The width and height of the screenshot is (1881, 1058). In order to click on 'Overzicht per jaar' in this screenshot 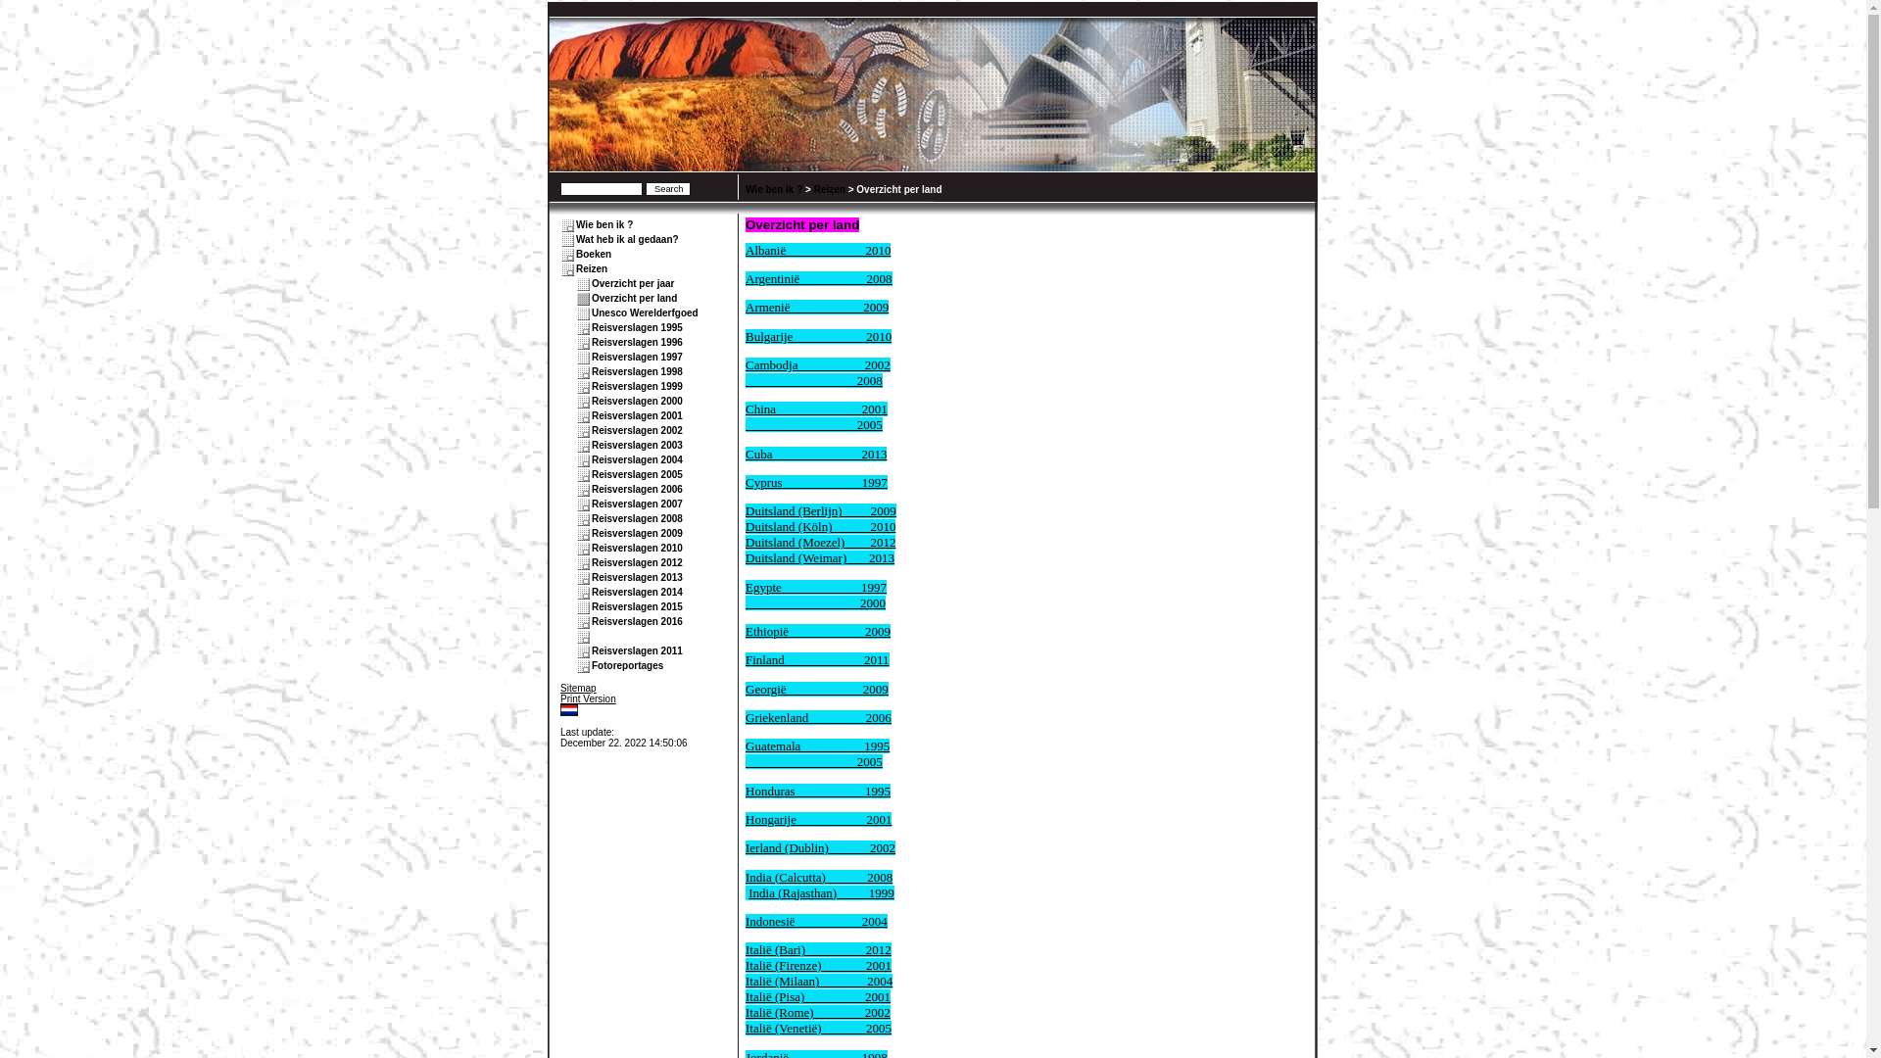, I will do `click(633, 283)`.